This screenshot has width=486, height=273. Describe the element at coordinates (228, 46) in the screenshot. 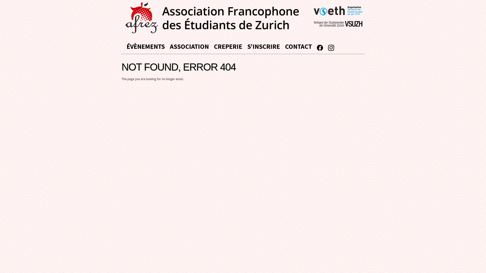

I see `'CREPERIE'` at that location.